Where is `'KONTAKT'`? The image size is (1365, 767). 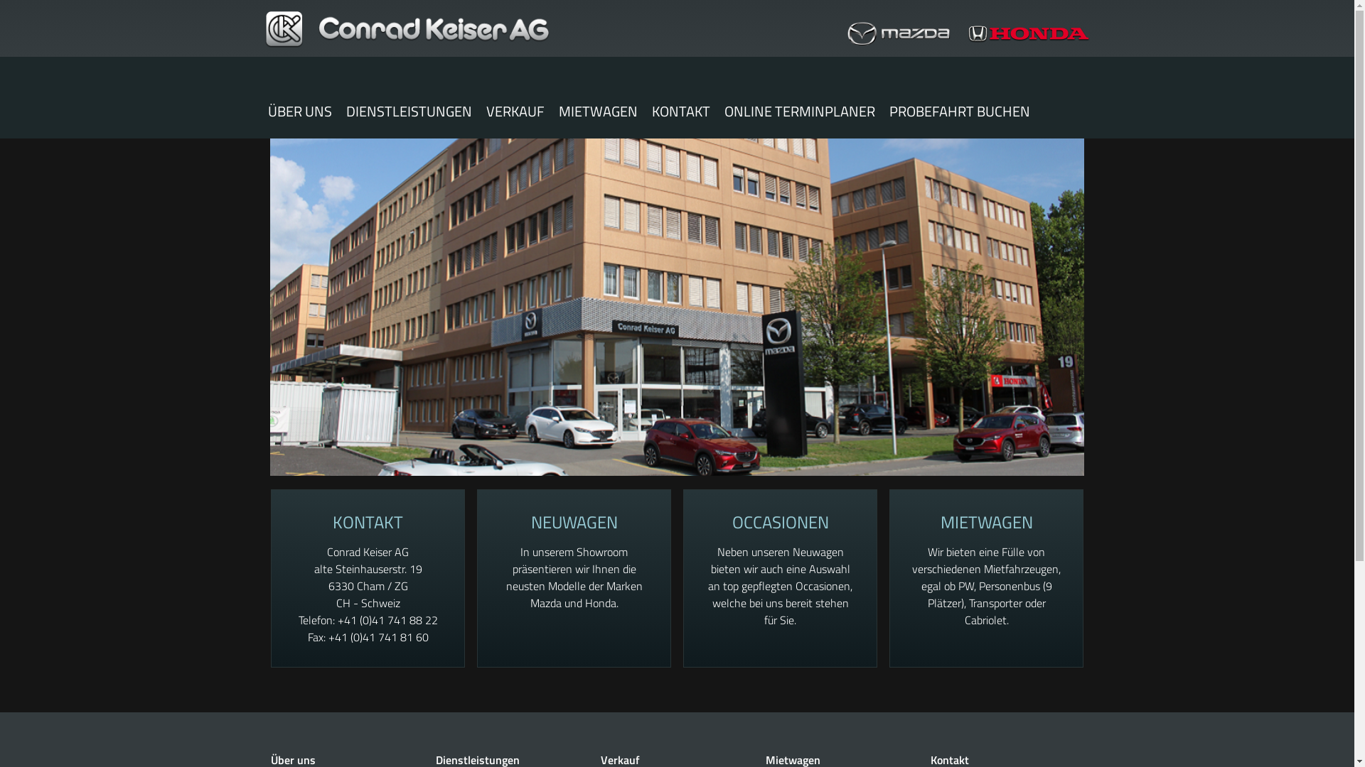
'KONTAKT' is located at coordinates (368, 522).